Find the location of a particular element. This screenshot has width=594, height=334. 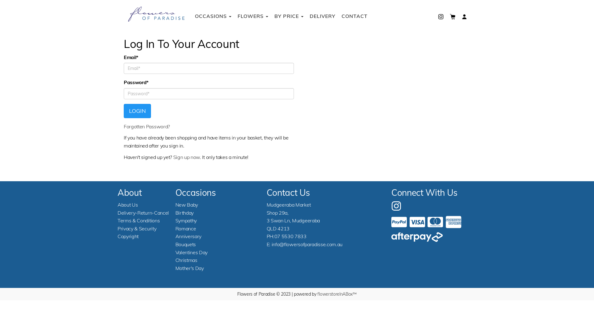

'instagram' is located at coordinates (396, 205).